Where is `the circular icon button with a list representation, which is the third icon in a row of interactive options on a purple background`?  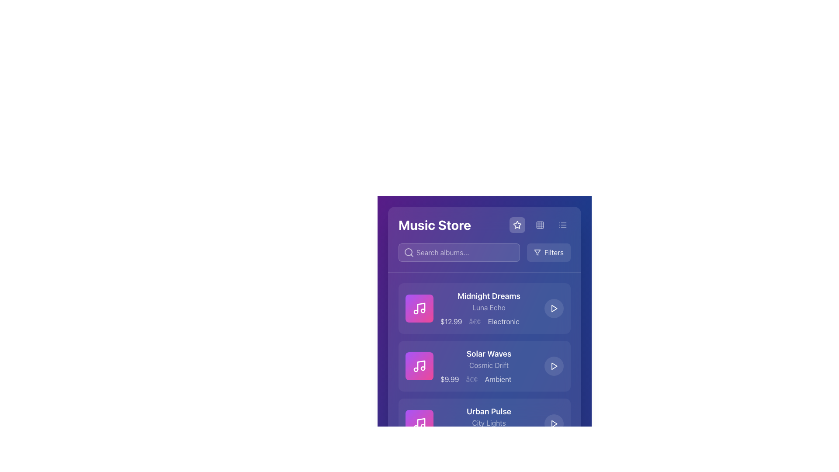 the circular icon button with a list representation, which is the third icon in a row of interactive options on a purple background is located at coordinates (562, 225).